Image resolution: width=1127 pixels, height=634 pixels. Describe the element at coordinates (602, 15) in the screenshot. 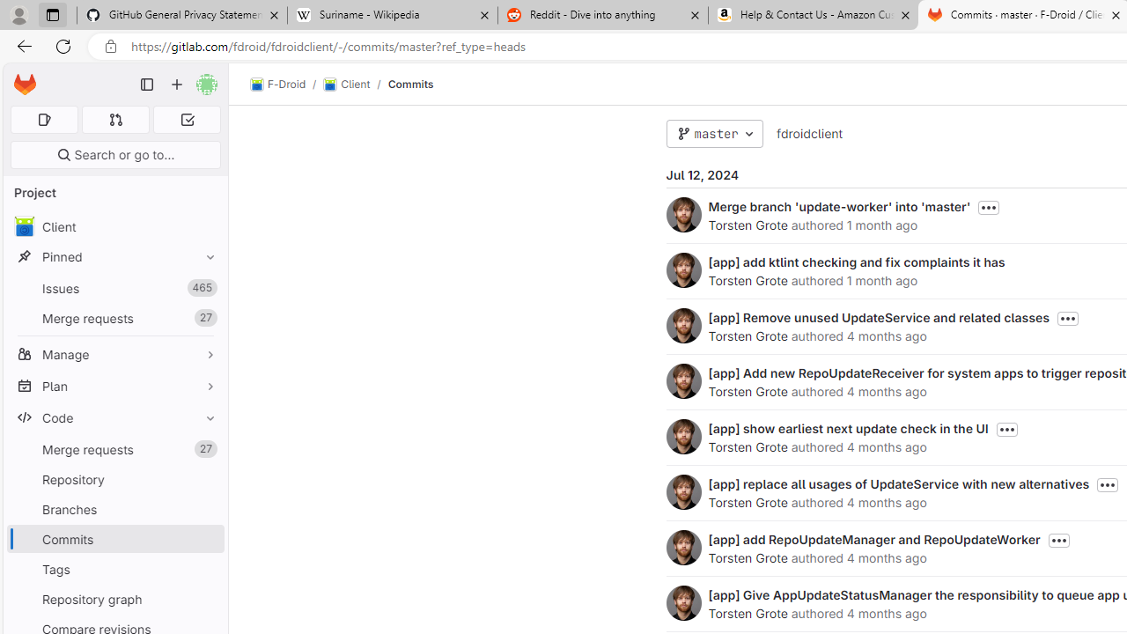

I see `'Reddit - Dive into anything'` at that location.